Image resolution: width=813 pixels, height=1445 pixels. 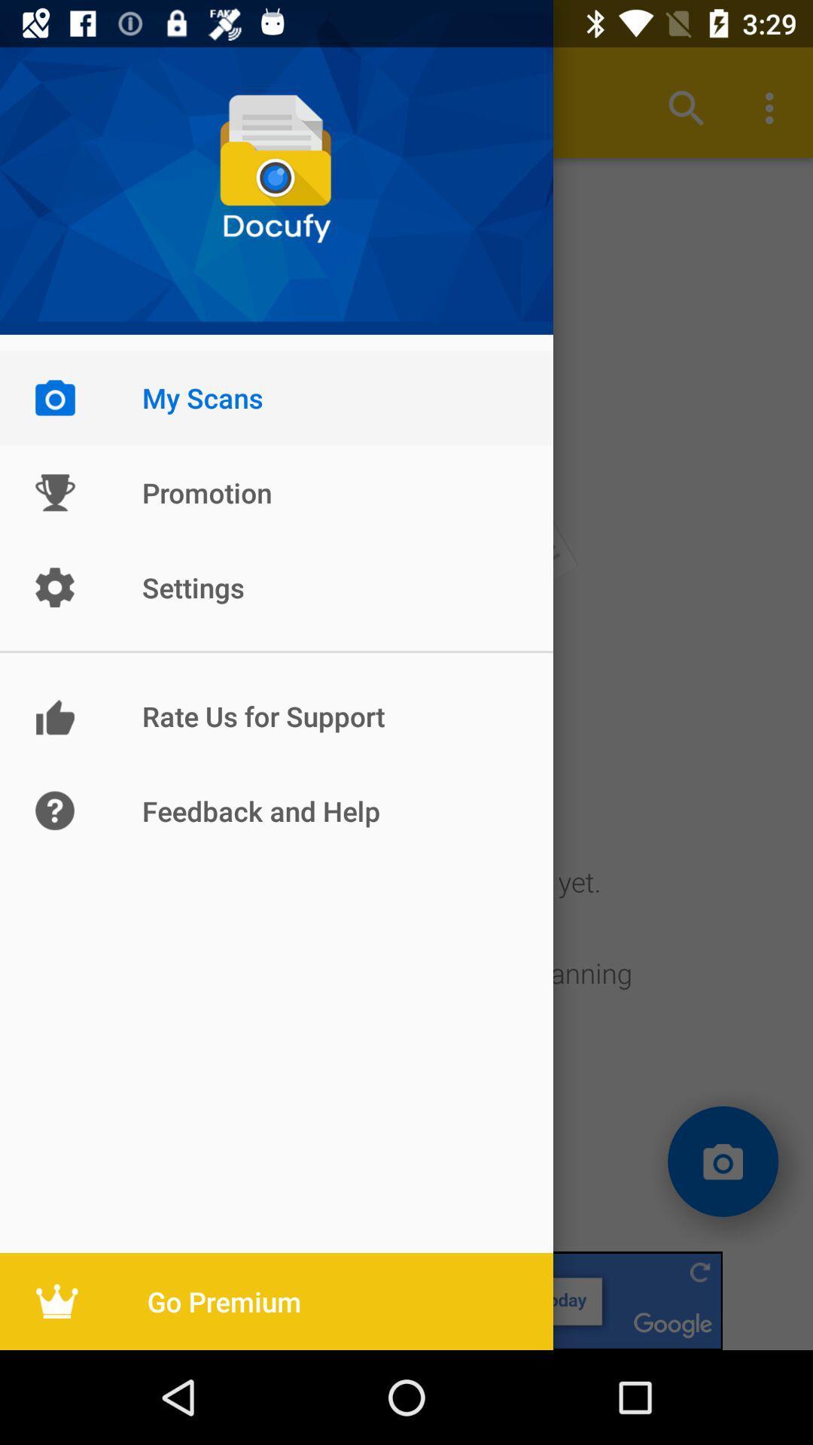 I want to click on camera button which is at bottom right corner of page, so click(x=722, y=1161).